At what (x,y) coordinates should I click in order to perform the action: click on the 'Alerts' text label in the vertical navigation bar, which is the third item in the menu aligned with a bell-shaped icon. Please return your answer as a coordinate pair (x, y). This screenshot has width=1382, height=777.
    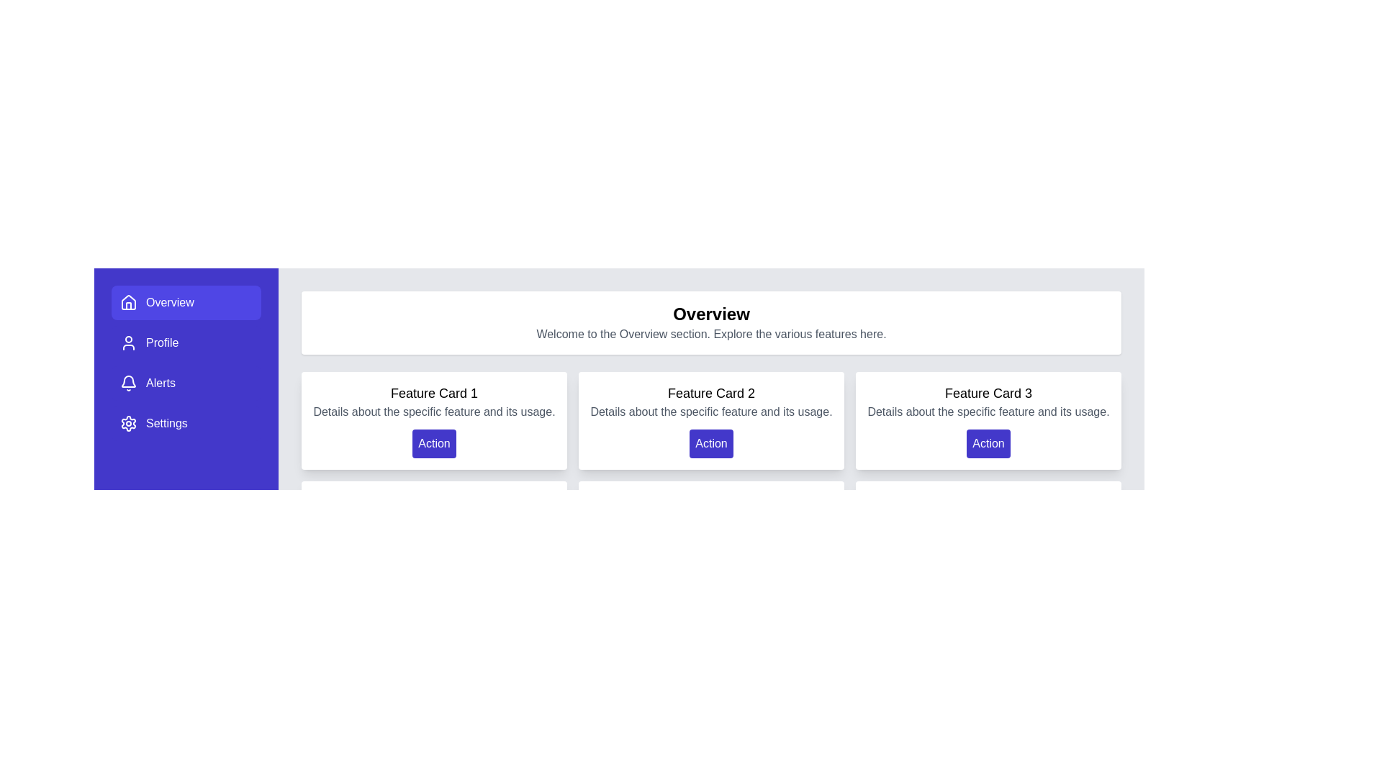
    Looking at the image, I should click on (161, 382).